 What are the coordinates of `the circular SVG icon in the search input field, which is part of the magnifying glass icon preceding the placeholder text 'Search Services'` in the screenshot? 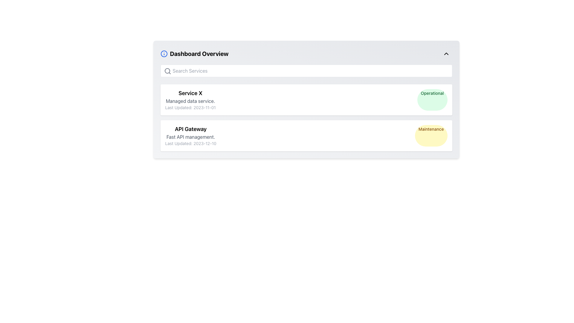 It's located at (167, 70).